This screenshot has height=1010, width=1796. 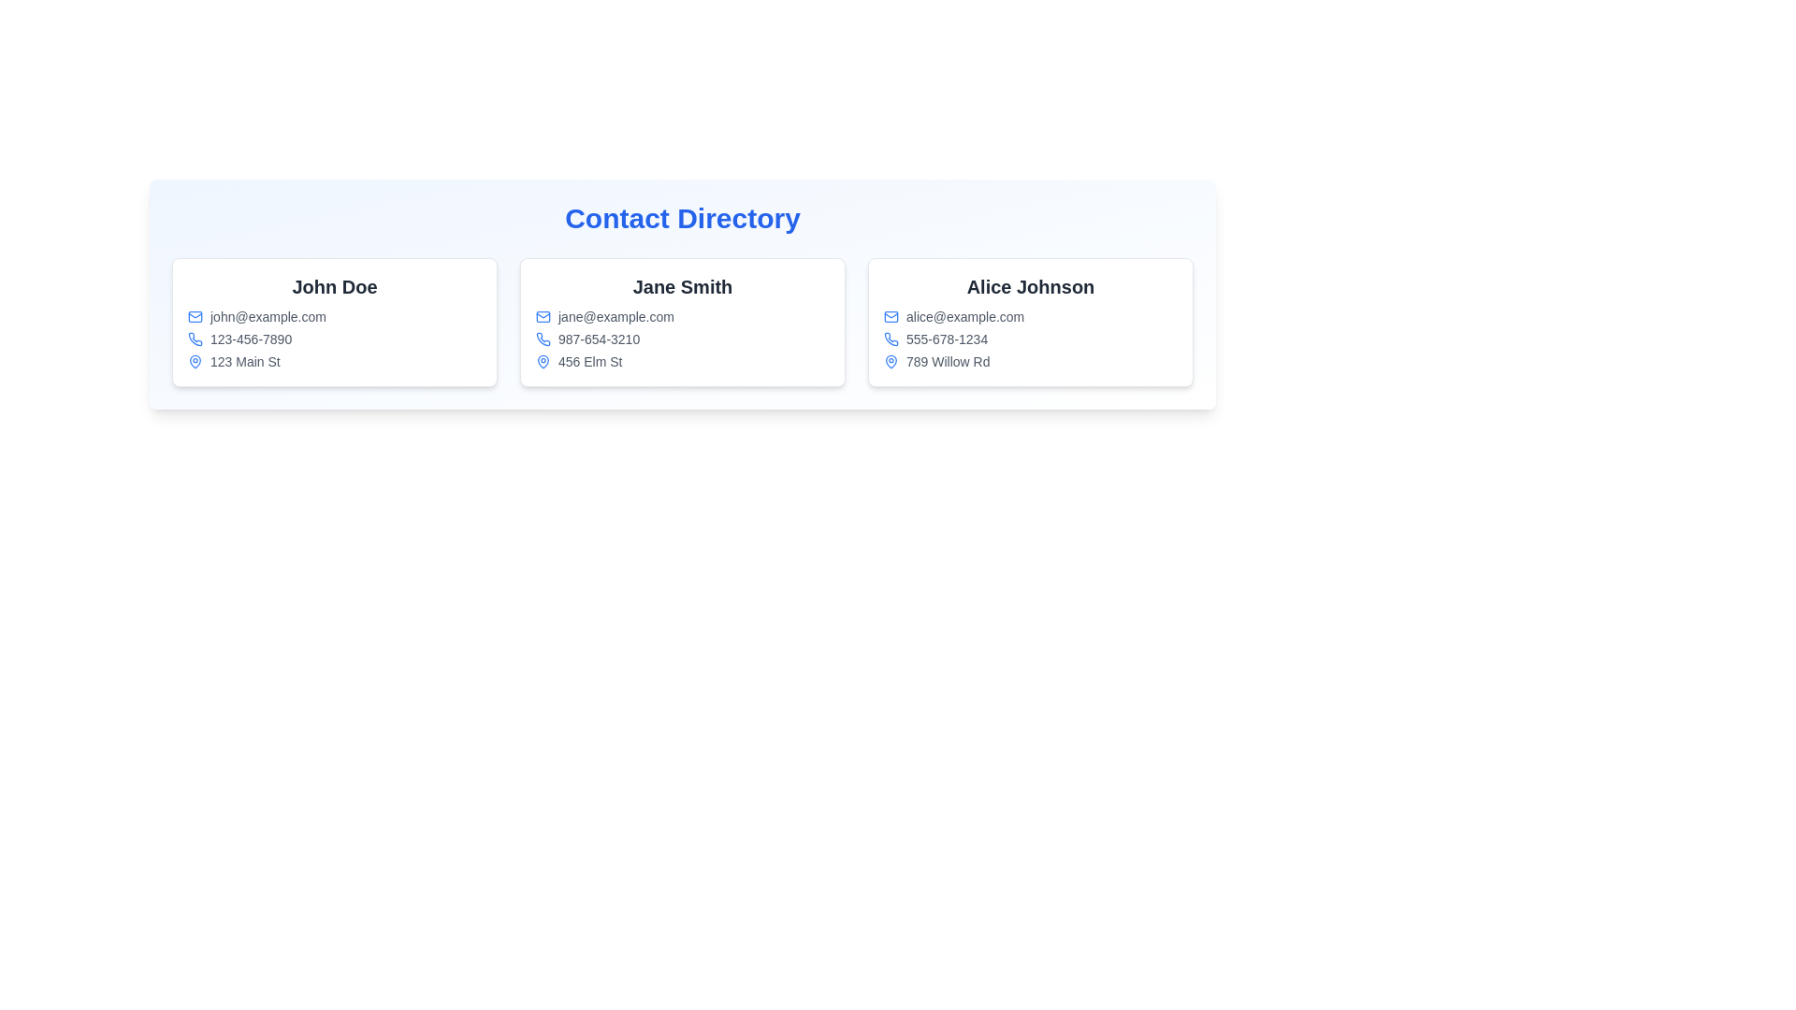 What do you see at coordinates (196, 360) in the screenshot?
I see `the location marker icon next to '123 Main St' in John Doe's contact card` at bounding box center [196, 360].